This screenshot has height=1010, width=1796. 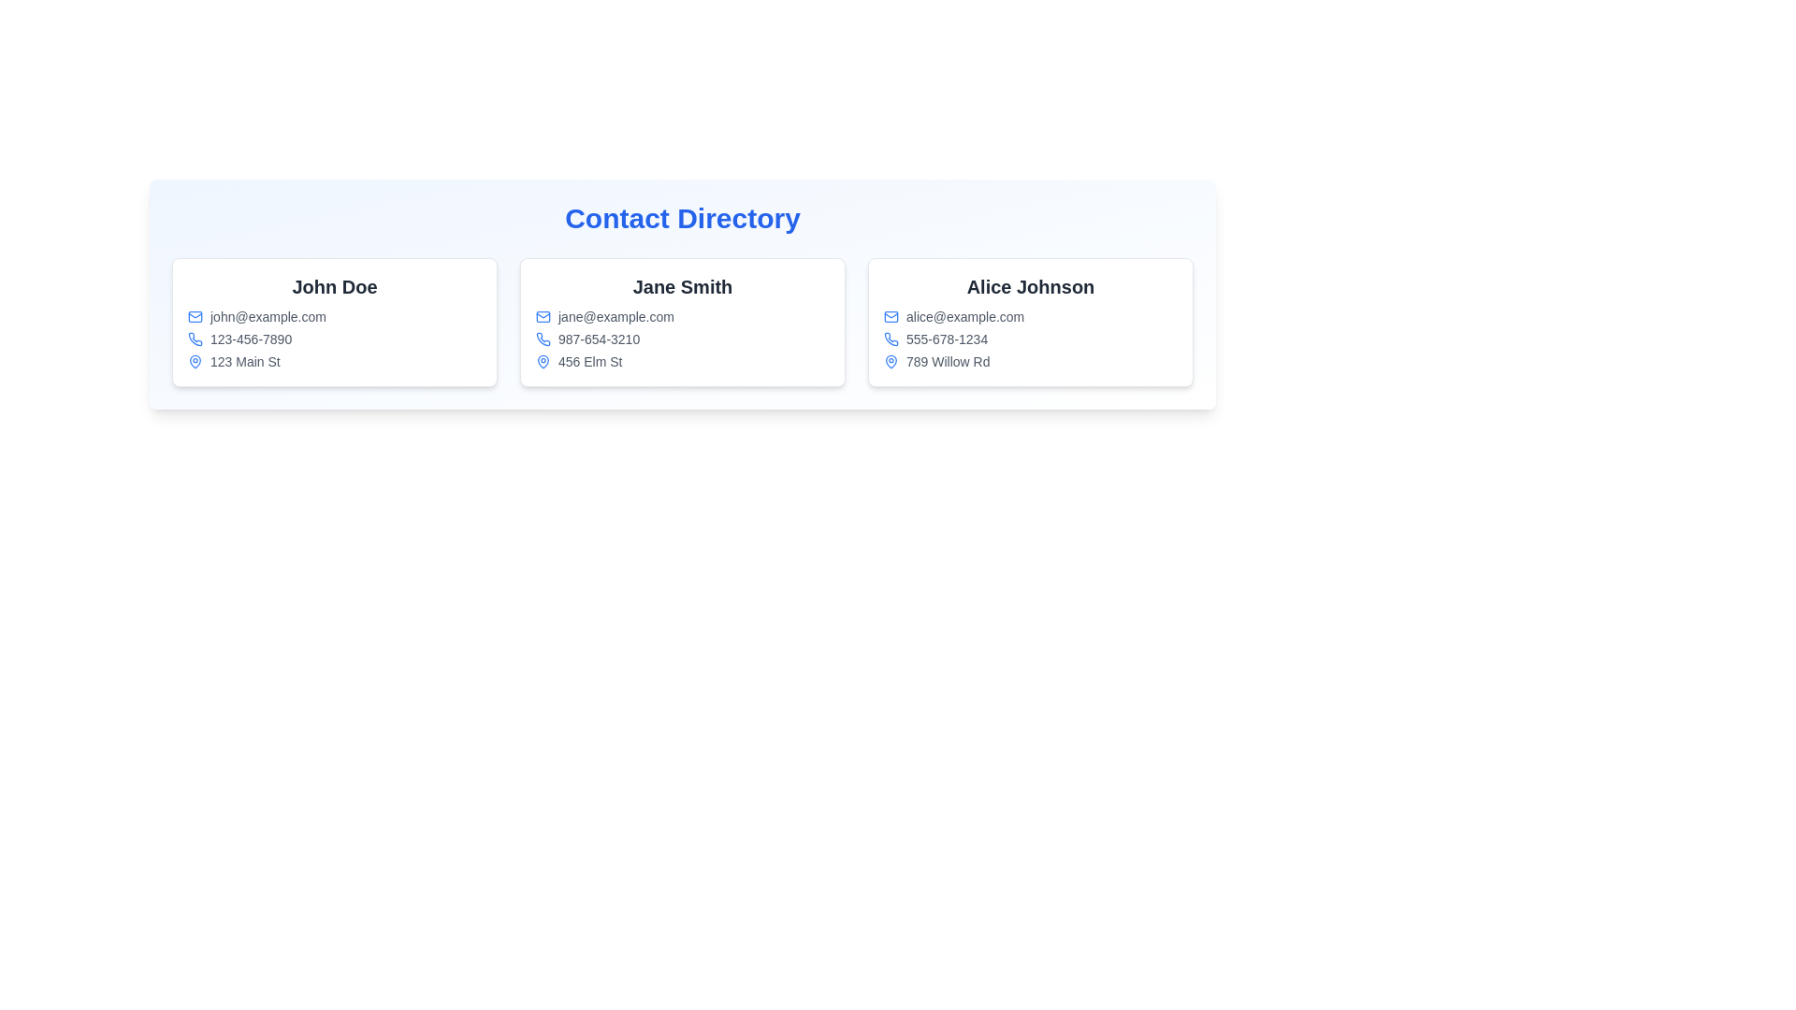 What do you see at coordinates (196, 360) in the screenshot?
I see `the location marker icon next to '123 Main St' in John Doe's contact card` at bounding box center [196, 360].